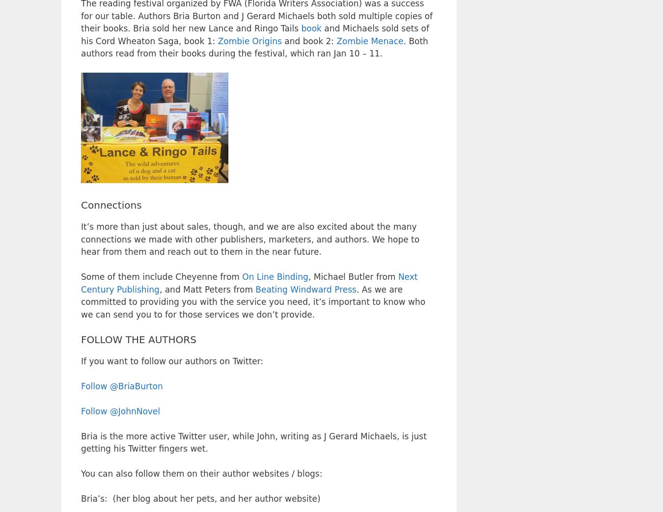 The width and height of the screenshot is (663, 512). I want to click on 'Follow @JohnNovel', so click(120, 411).